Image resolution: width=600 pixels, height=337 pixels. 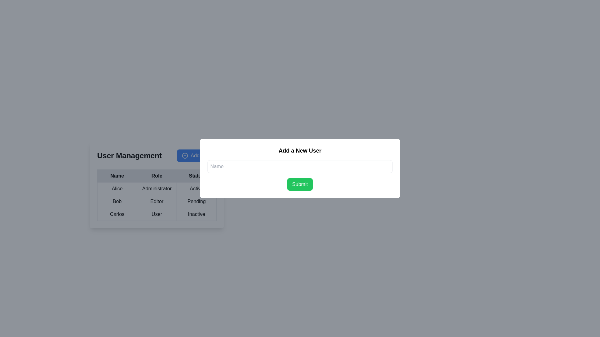 I want to click on text from the 'Active' label, which is styled with padding and a border, located in the rightmost position of its row under the 'Status' column, so click(x=196, y=188).